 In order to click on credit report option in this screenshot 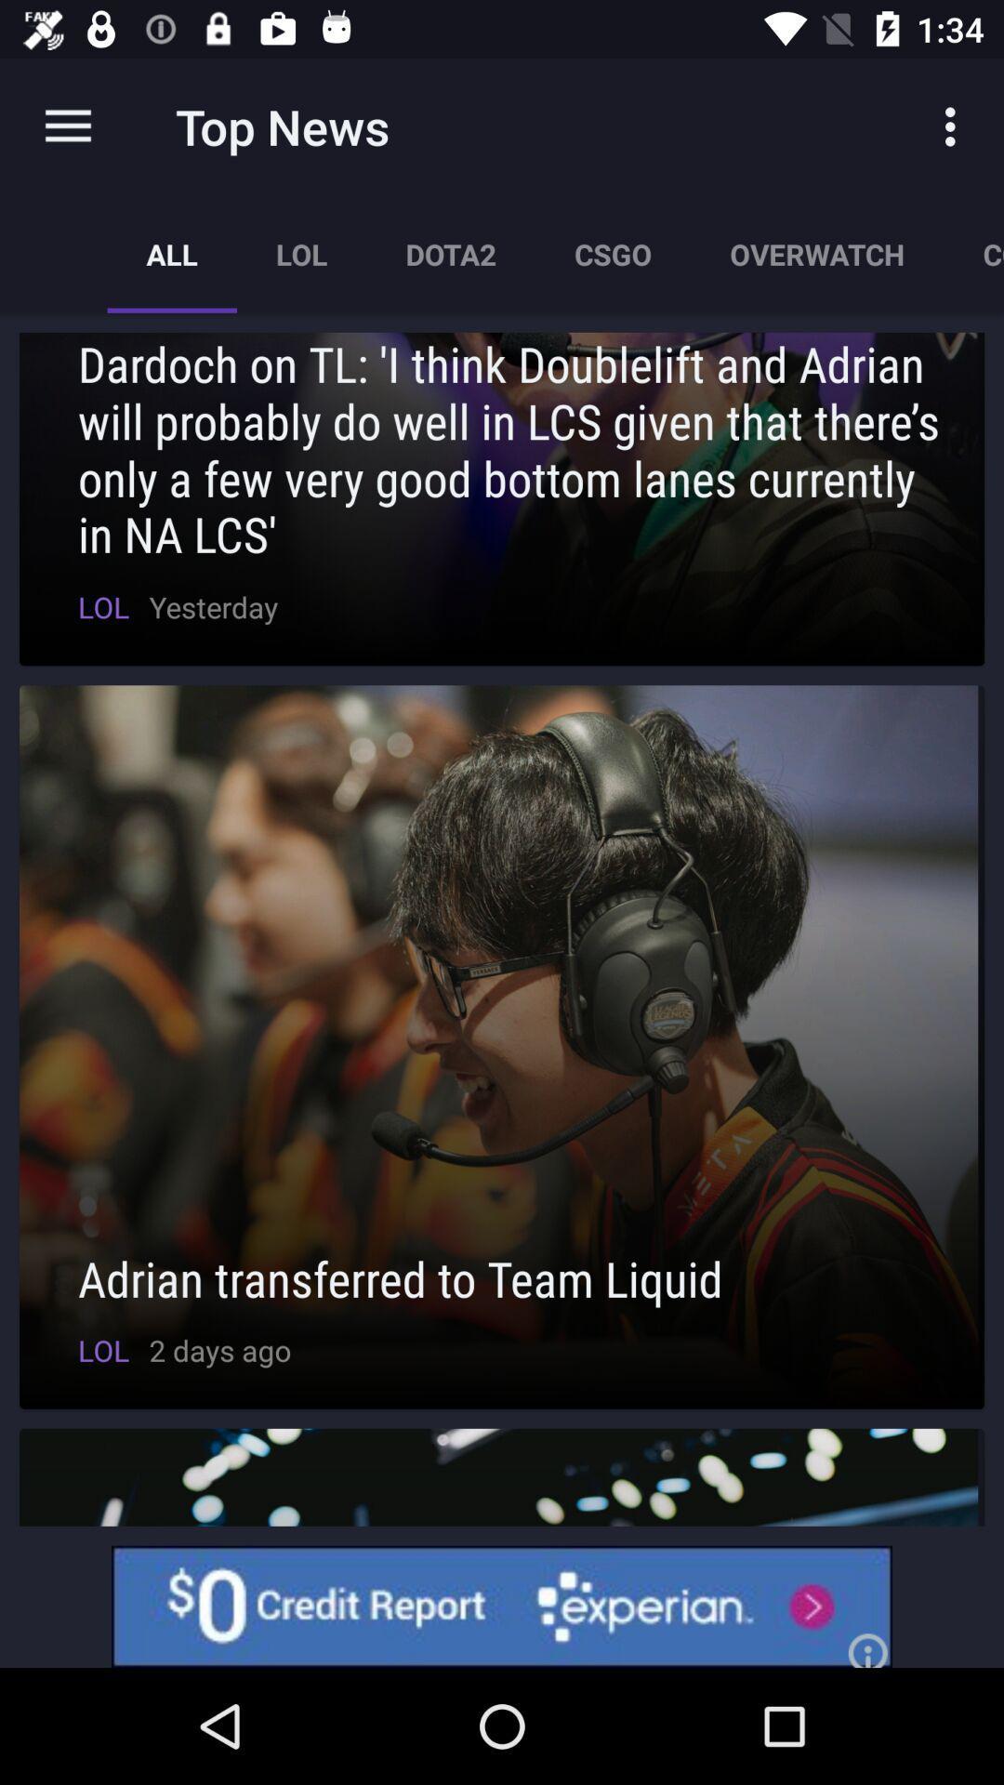, I will do `click(502, 1606)`.